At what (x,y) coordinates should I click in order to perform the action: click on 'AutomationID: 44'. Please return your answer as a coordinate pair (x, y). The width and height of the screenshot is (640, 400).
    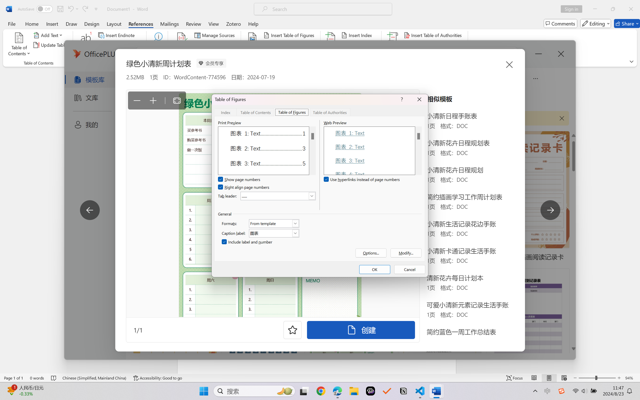
    Looking at the image, I should click on (312, 151).